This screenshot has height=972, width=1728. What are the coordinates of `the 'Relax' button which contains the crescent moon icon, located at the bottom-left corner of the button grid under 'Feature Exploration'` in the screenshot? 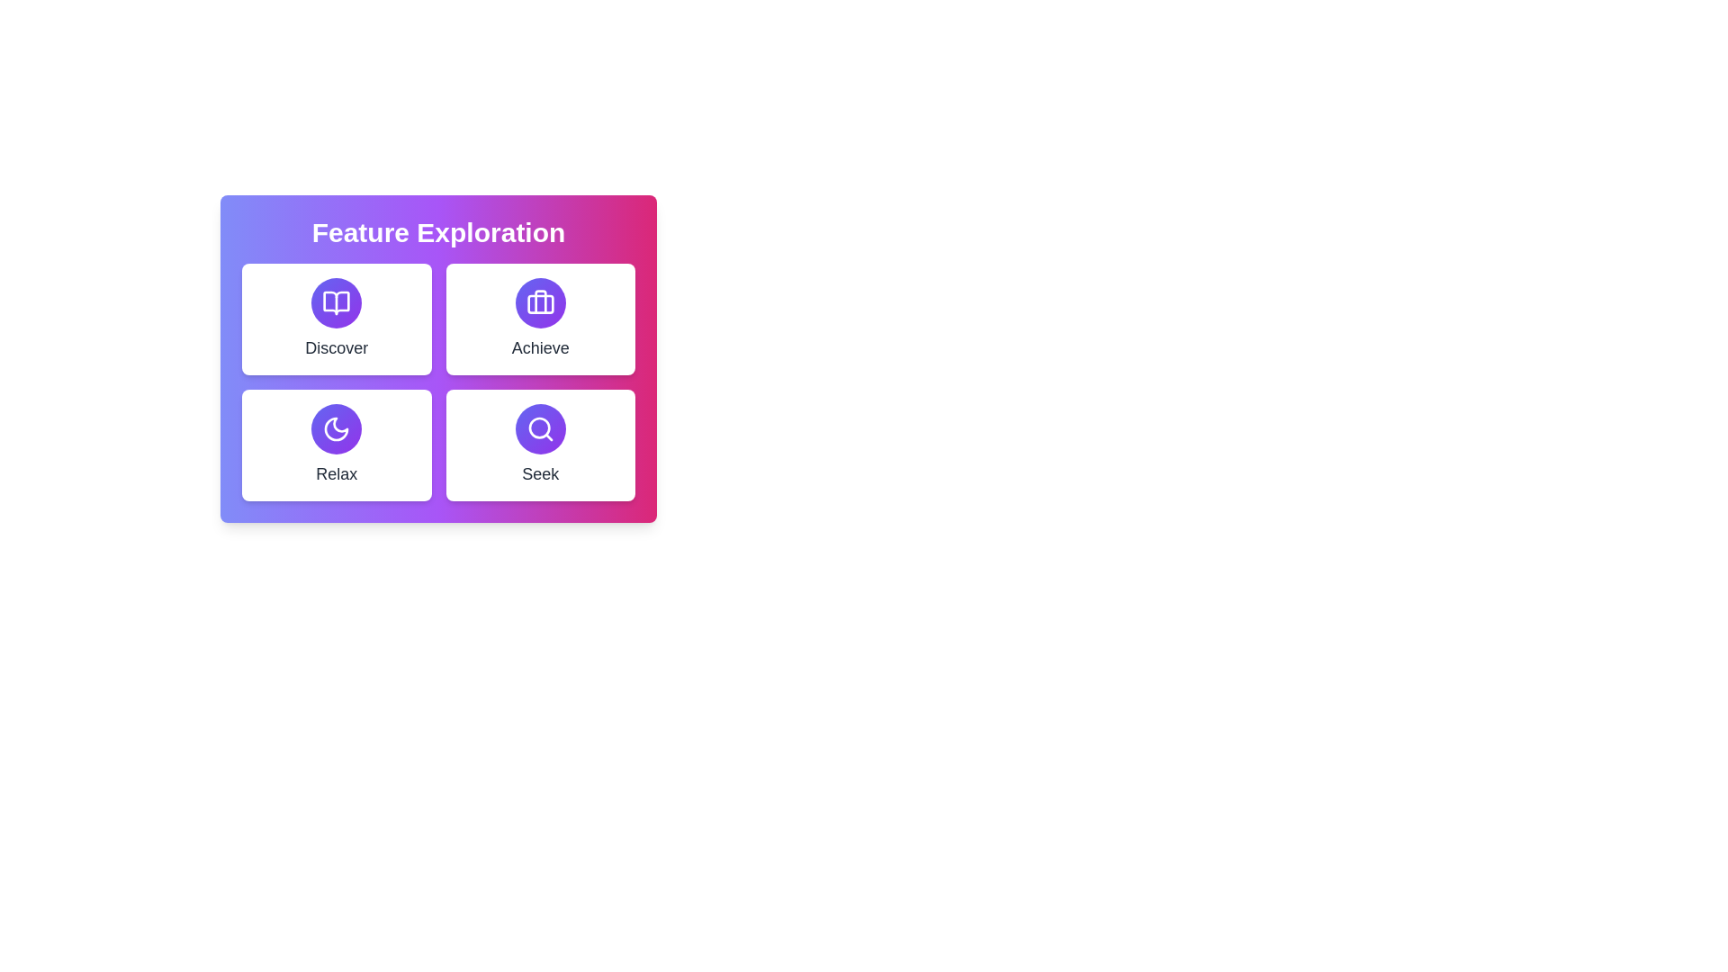 It's located at (337, 429).